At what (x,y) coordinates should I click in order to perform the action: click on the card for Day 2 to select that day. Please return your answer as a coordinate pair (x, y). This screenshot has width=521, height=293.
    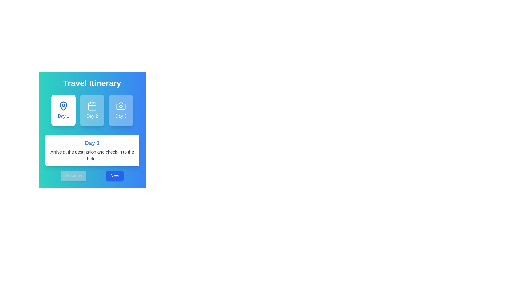
    Looking at the image, I should click on (92, 110).